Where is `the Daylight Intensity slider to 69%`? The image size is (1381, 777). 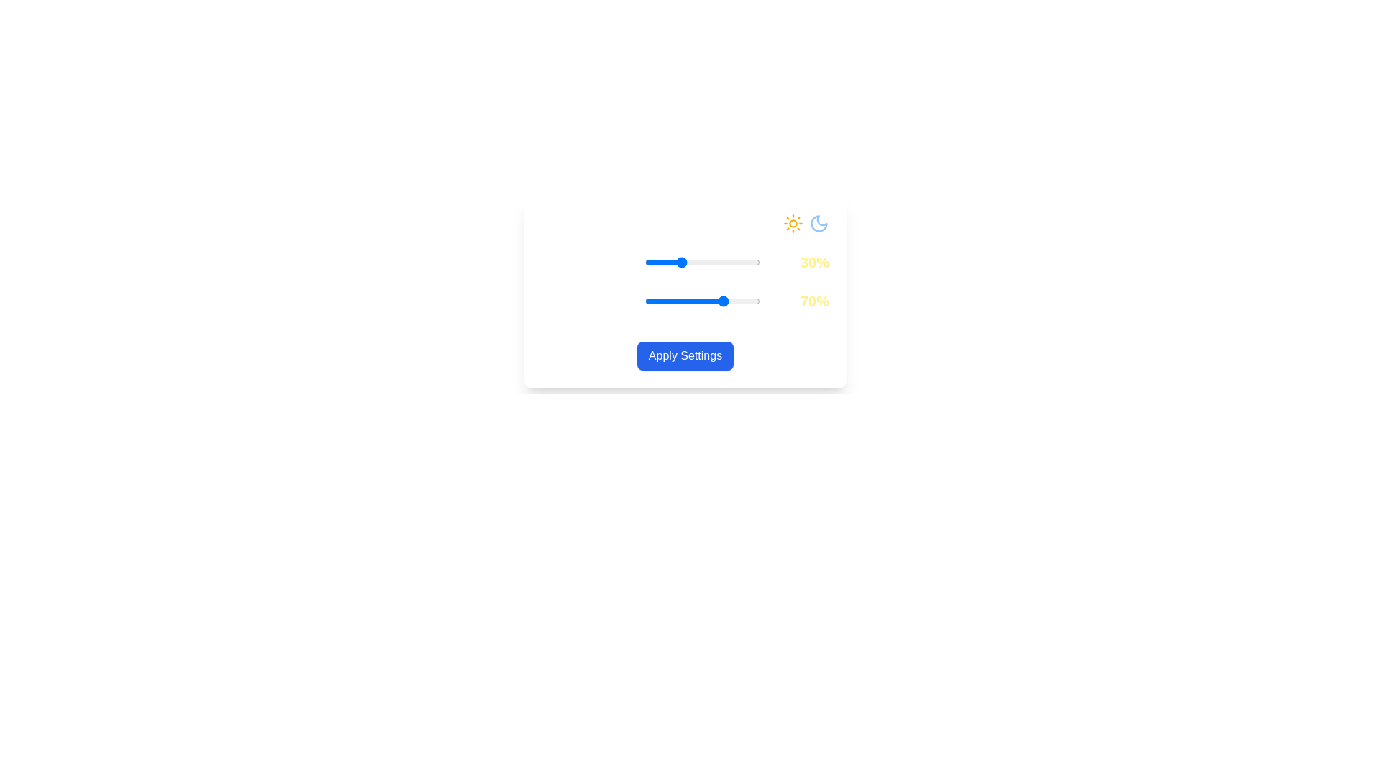 the Daylight Intensity slider to 69% is located at coordinates (724, 263).